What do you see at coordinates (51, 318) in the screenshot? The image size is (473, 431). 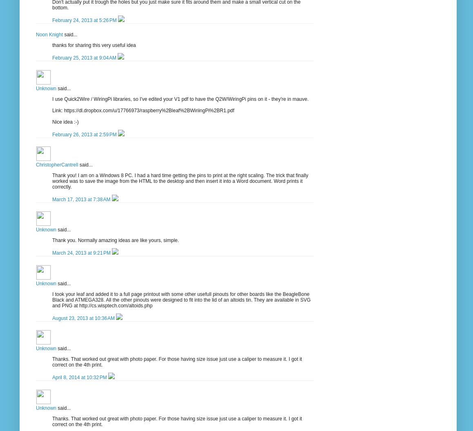 I see `'August 23, 2013 at 10:36 AM'` at bounding box center [51, 318].